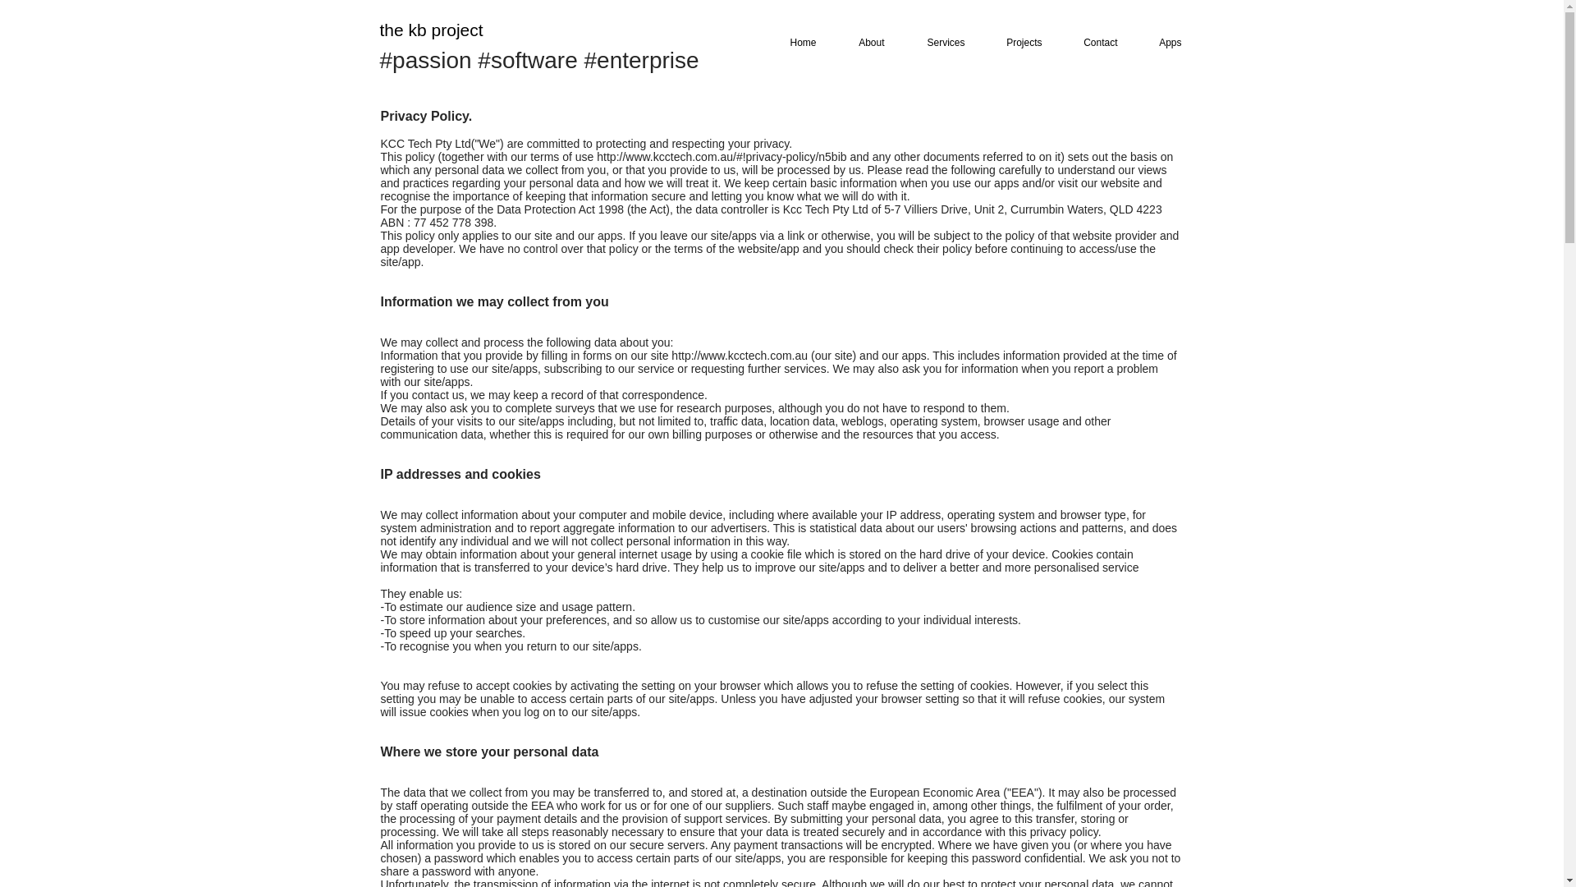  I want to click on 'http://www.kcctech.com.au/#!privacy-policy/n5bib', so click(721, 157).